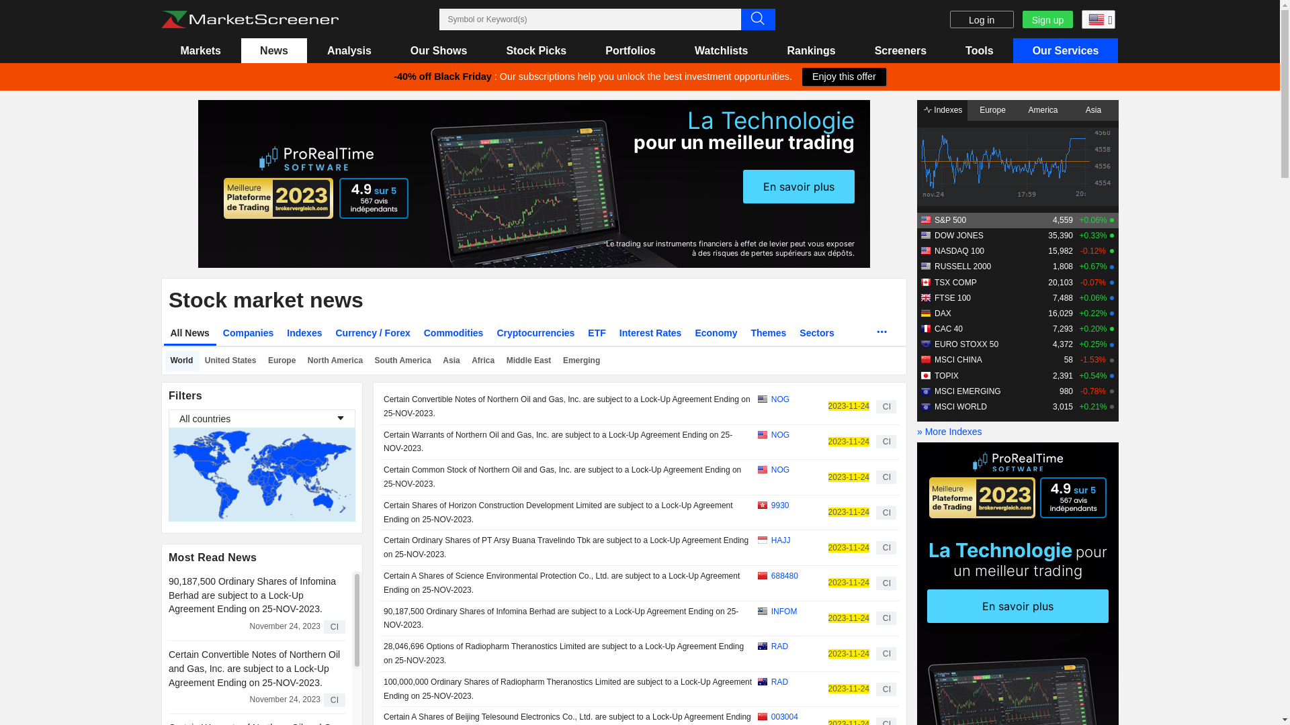 This screenshot has width=1290, height=725. I want to click on 'ETF', so click(596, 332).